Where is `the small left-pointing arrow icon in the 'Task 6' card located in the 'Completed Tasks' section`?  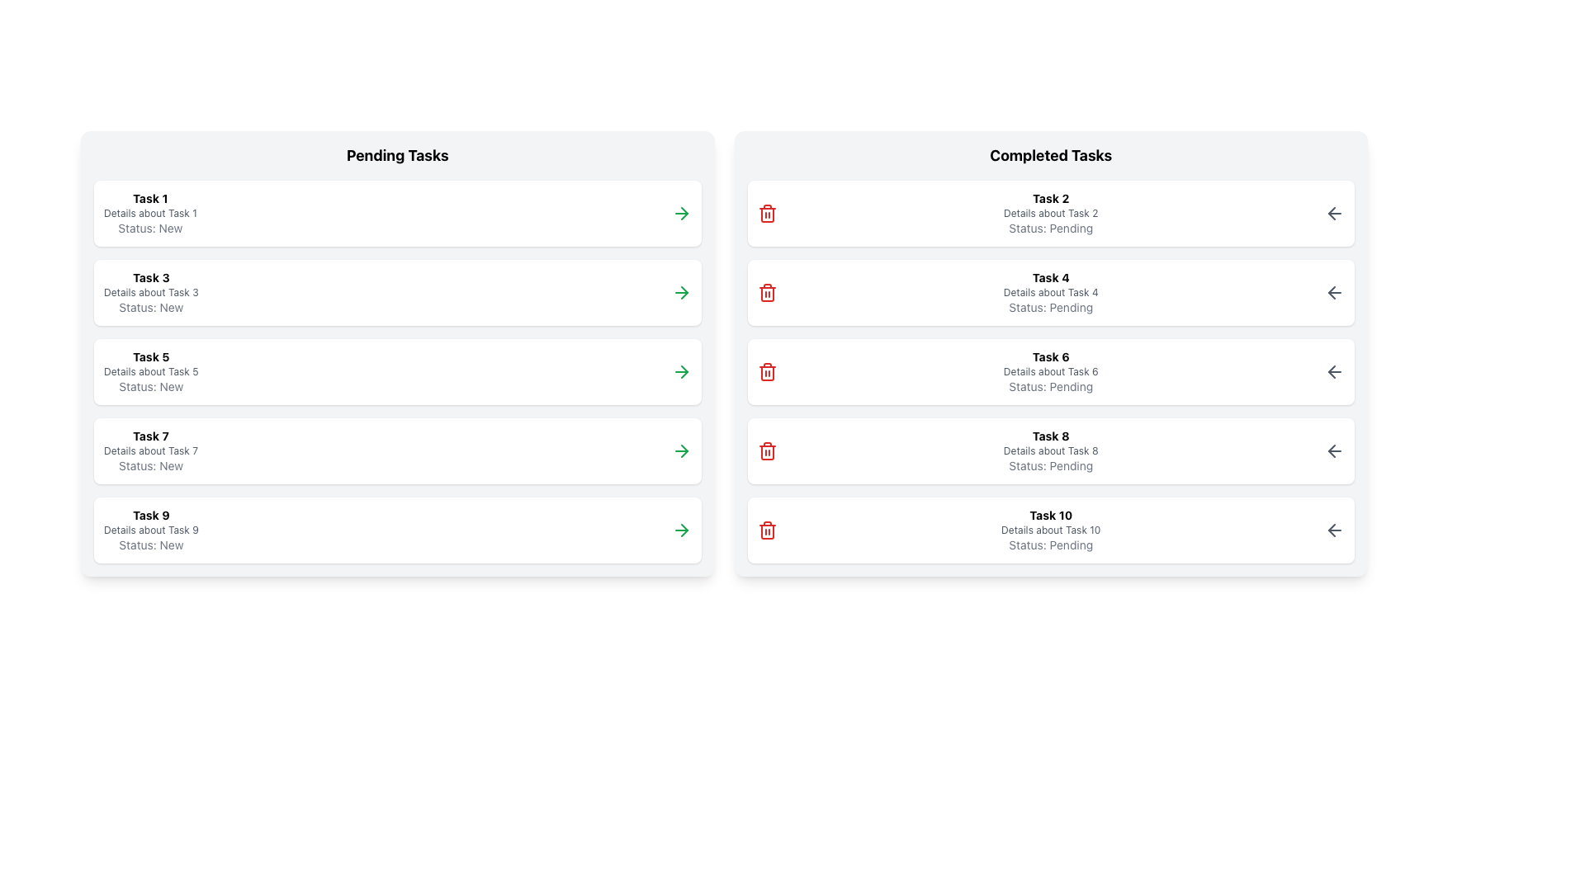 the small left-pointing arrow icon in the 'Task 6' card located in the 'Completed Tasks' section is located at coordinates (1335, 372).